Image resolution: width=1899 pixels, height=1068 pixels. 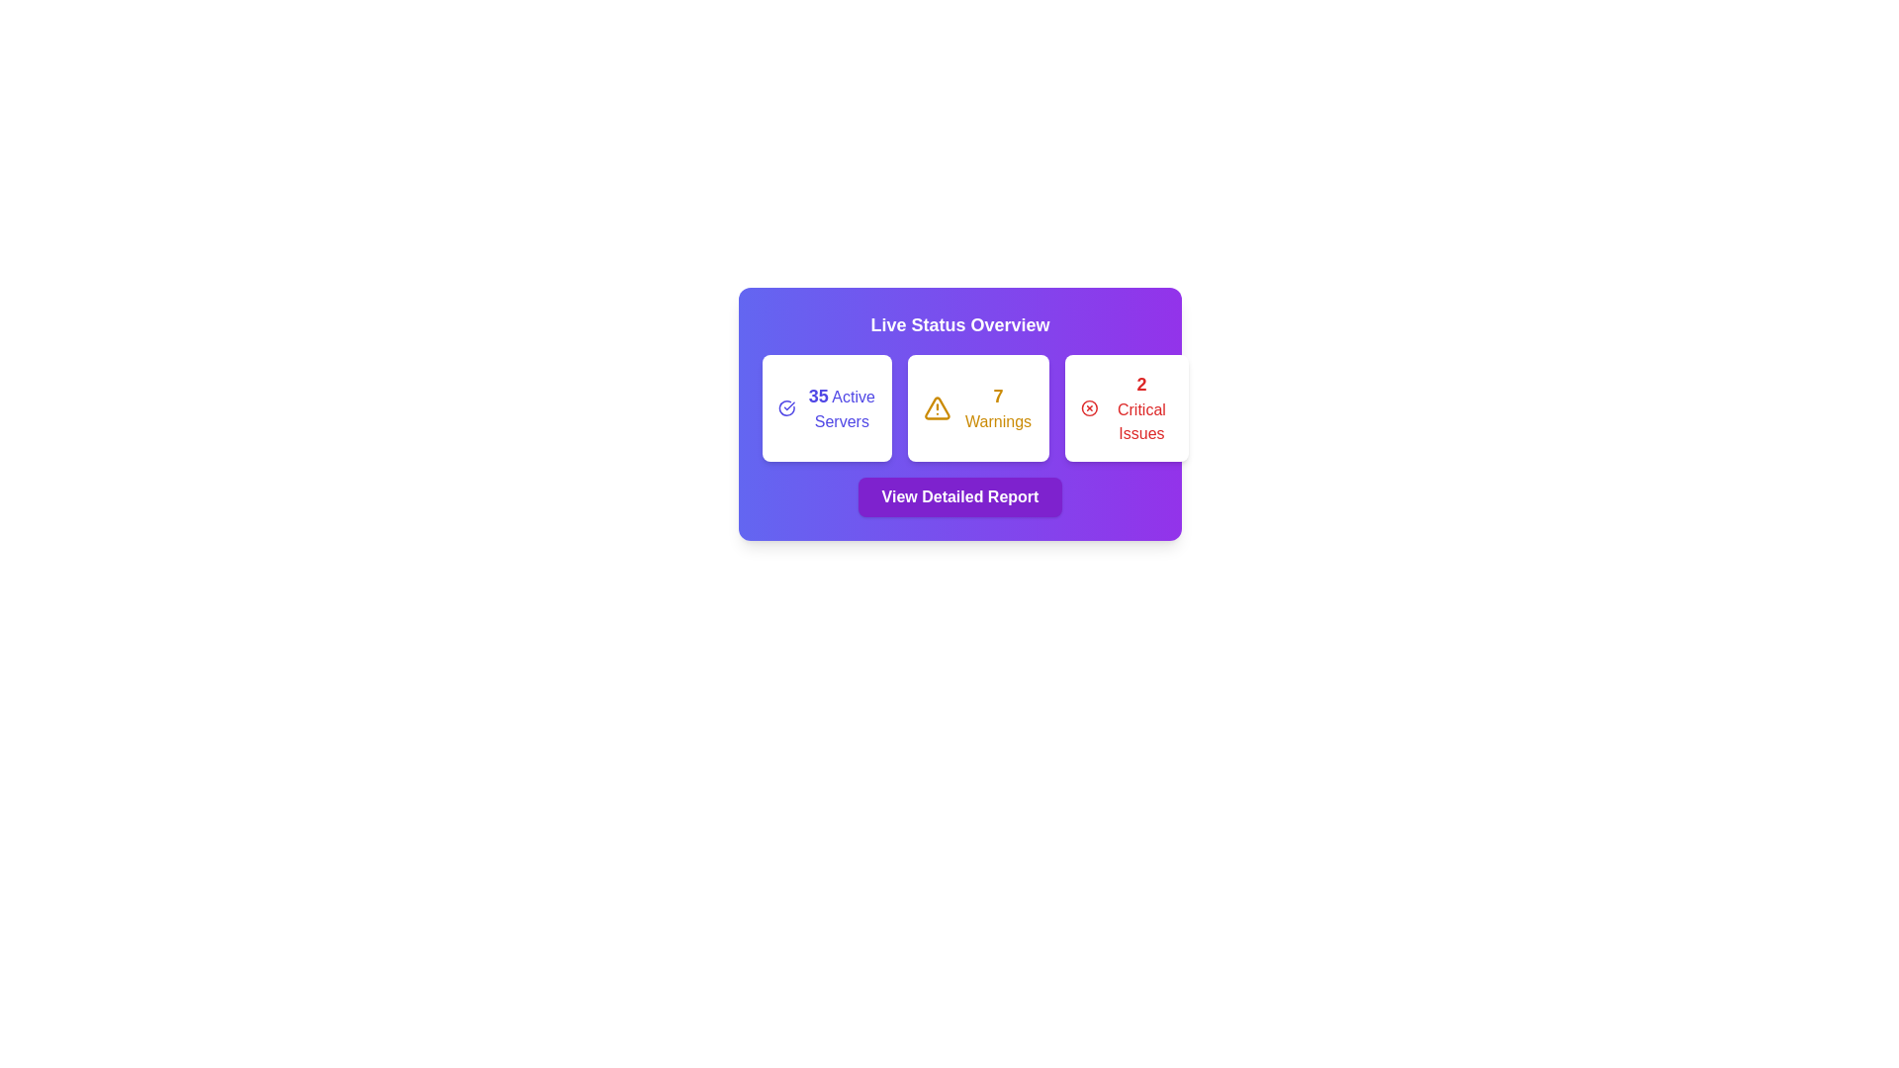 What do you see at coordinates (937, 406) in the screenshot?
I see `the triangular warning icon with an exclamation mark, which is outlined in yellow and located in the panel labeled '7 Warnings'` at bounding box center [937, 406].